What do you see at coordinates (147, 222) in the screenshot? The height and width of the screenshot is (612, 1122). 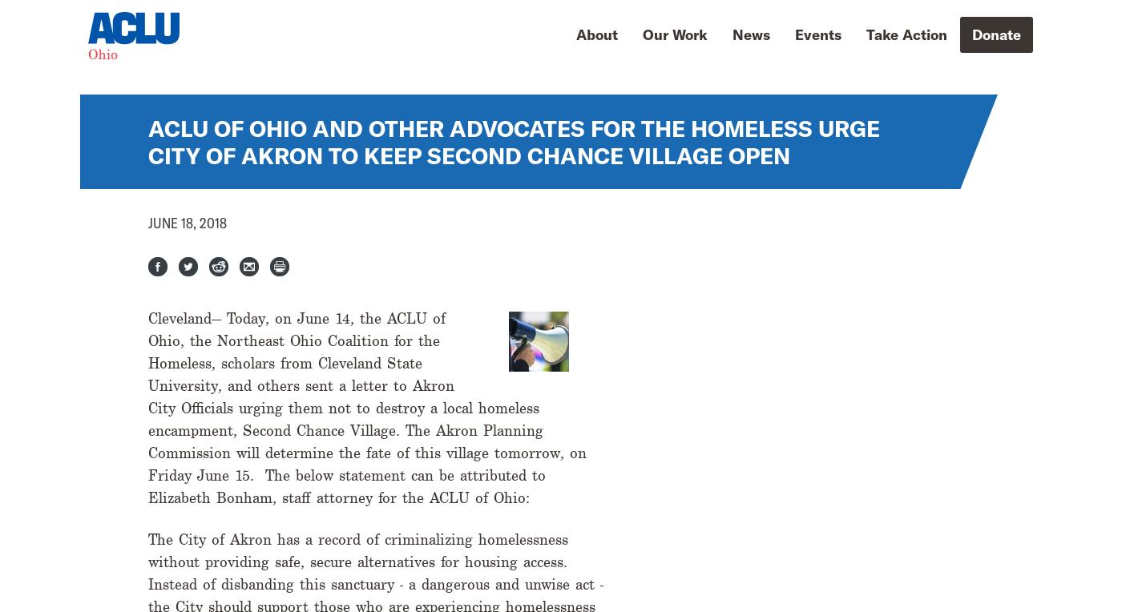 I see `'June 18, 2018'` at bounding box center [147, 222].